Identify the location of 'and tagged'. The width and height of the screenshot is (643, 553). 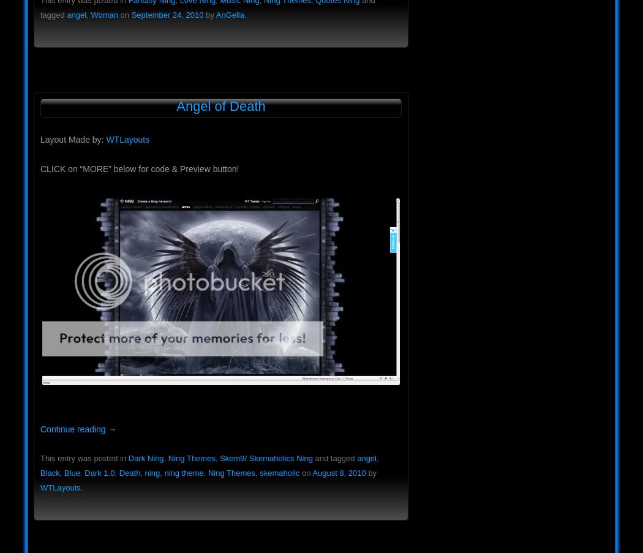
(334, 458).